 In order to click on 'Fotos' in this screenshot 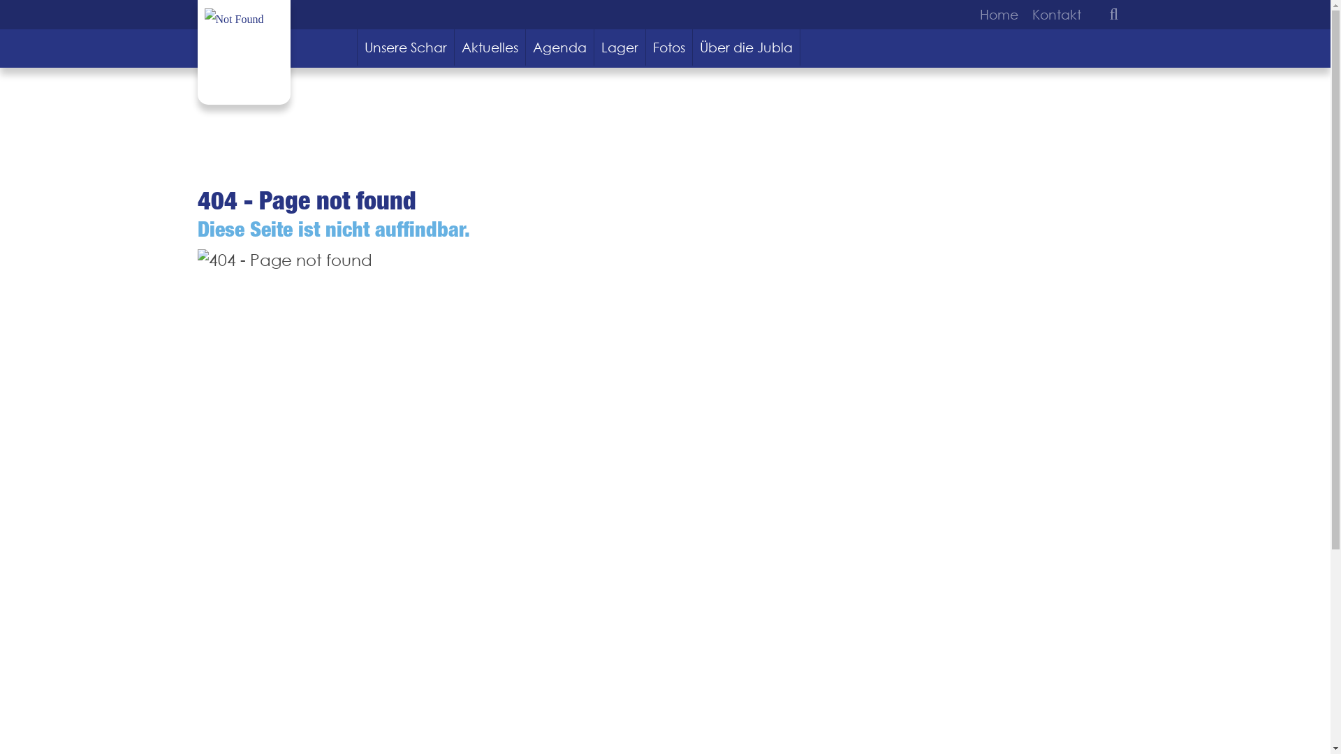, I will do `click(668, 47)`.